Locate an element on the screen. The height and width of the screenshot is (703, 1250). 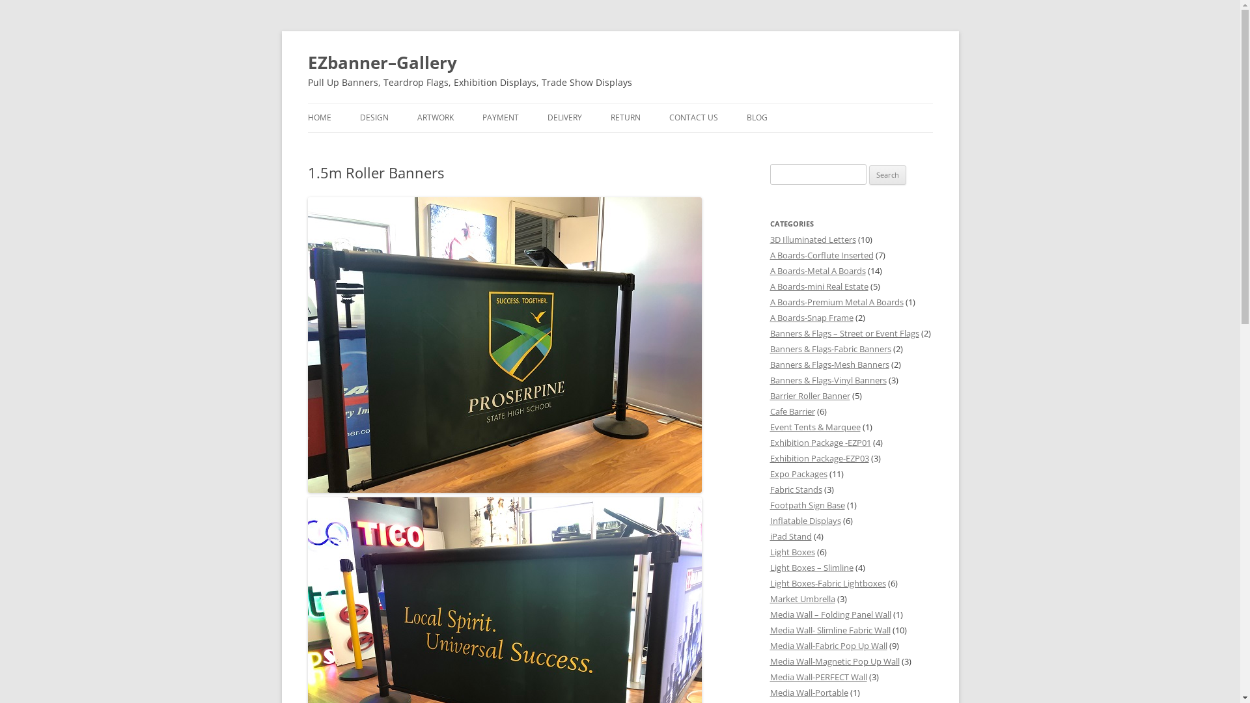
'Market Umbrella' is located at coordinates (801, 599).